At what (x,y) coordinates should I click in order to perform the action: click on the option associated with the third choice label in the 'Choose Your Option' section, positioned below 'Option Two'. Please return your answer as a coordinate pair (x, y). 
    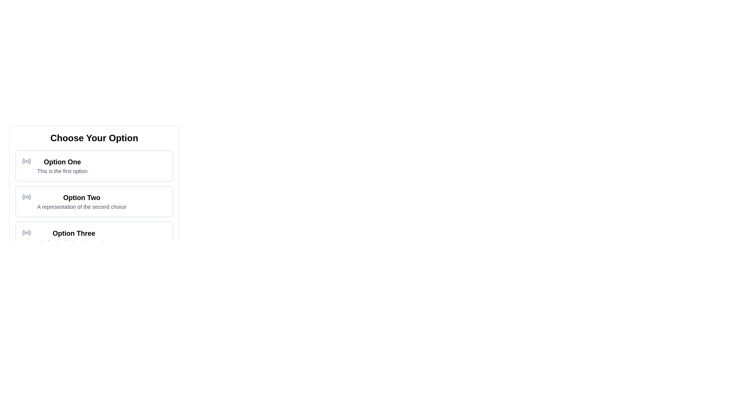
    Looking at the image, I should click on (74, 233).